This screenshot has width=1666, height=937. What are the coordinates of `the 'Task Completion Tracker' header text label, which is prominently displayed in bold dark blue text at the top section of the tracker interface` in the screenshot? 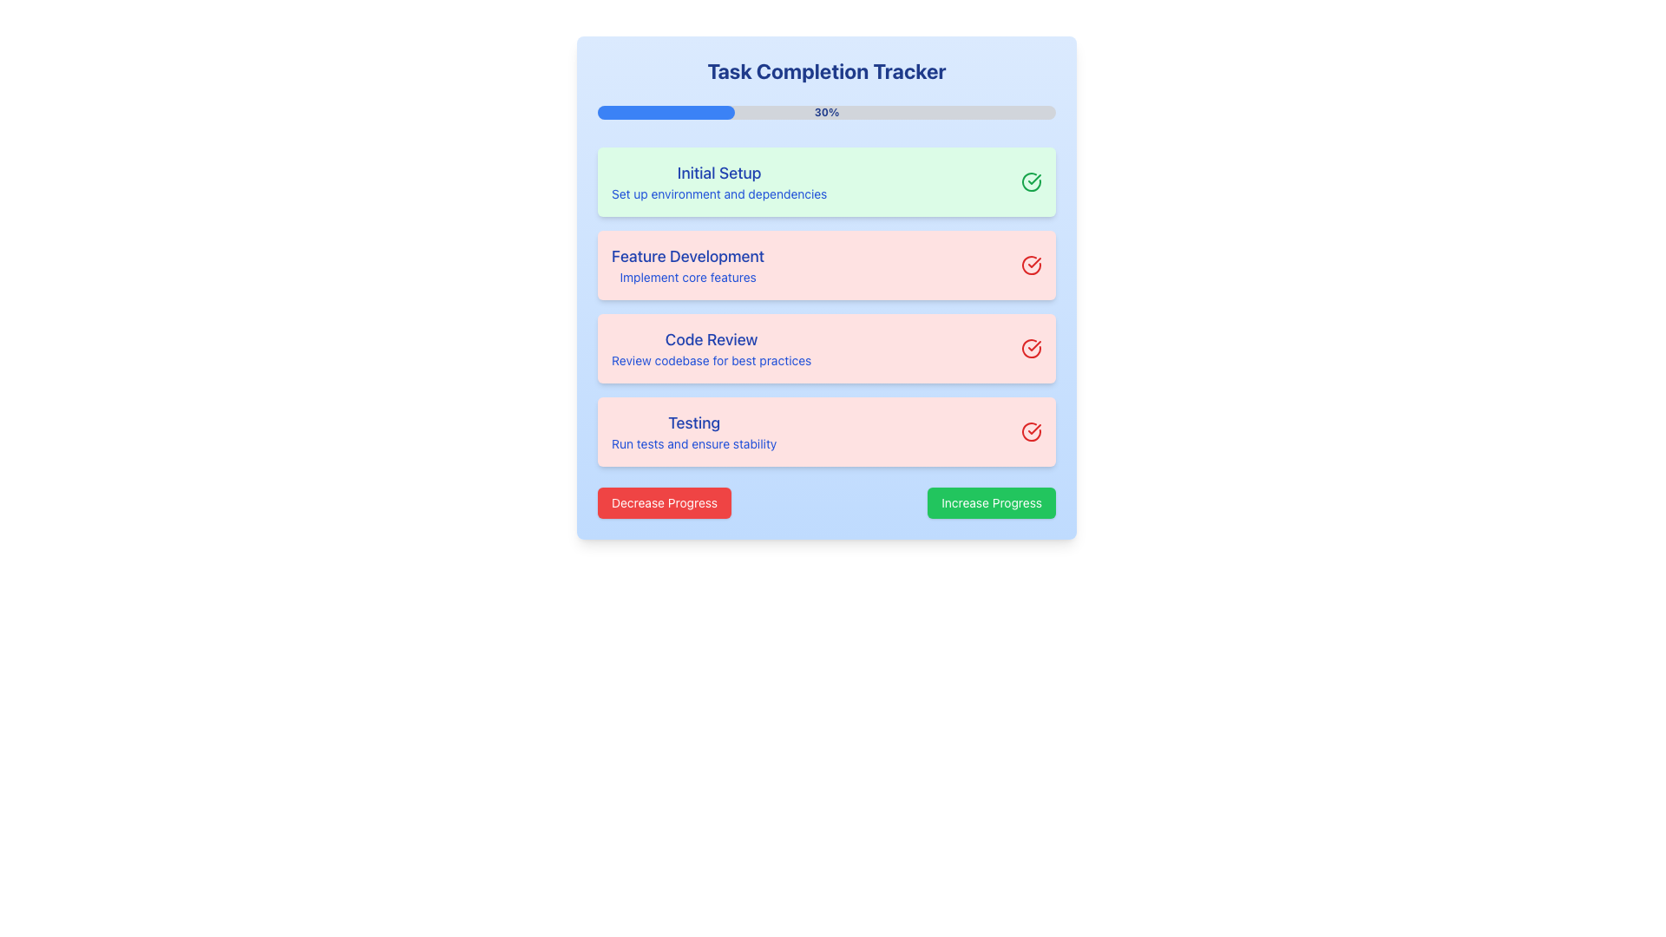 It's located at (826, 69).